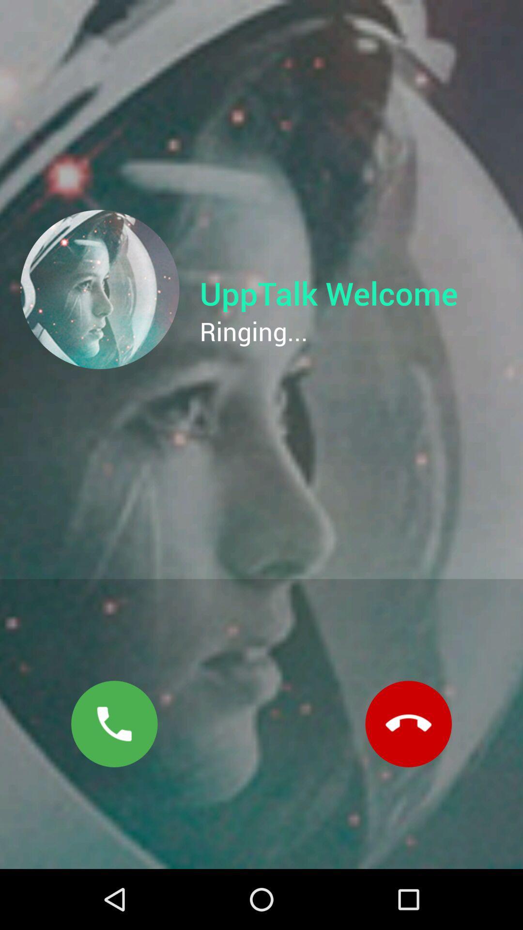  I want to click on answer call, so click(114, 724).